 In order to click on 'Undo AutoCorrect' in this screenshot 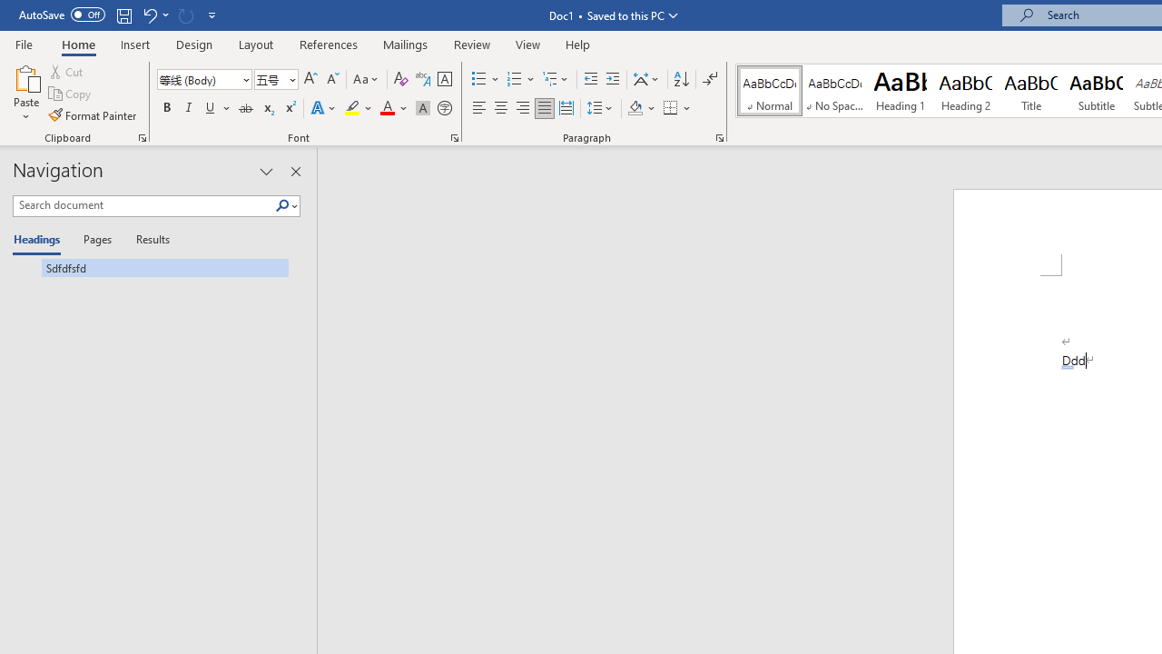, I will do `click(149, 15)`.